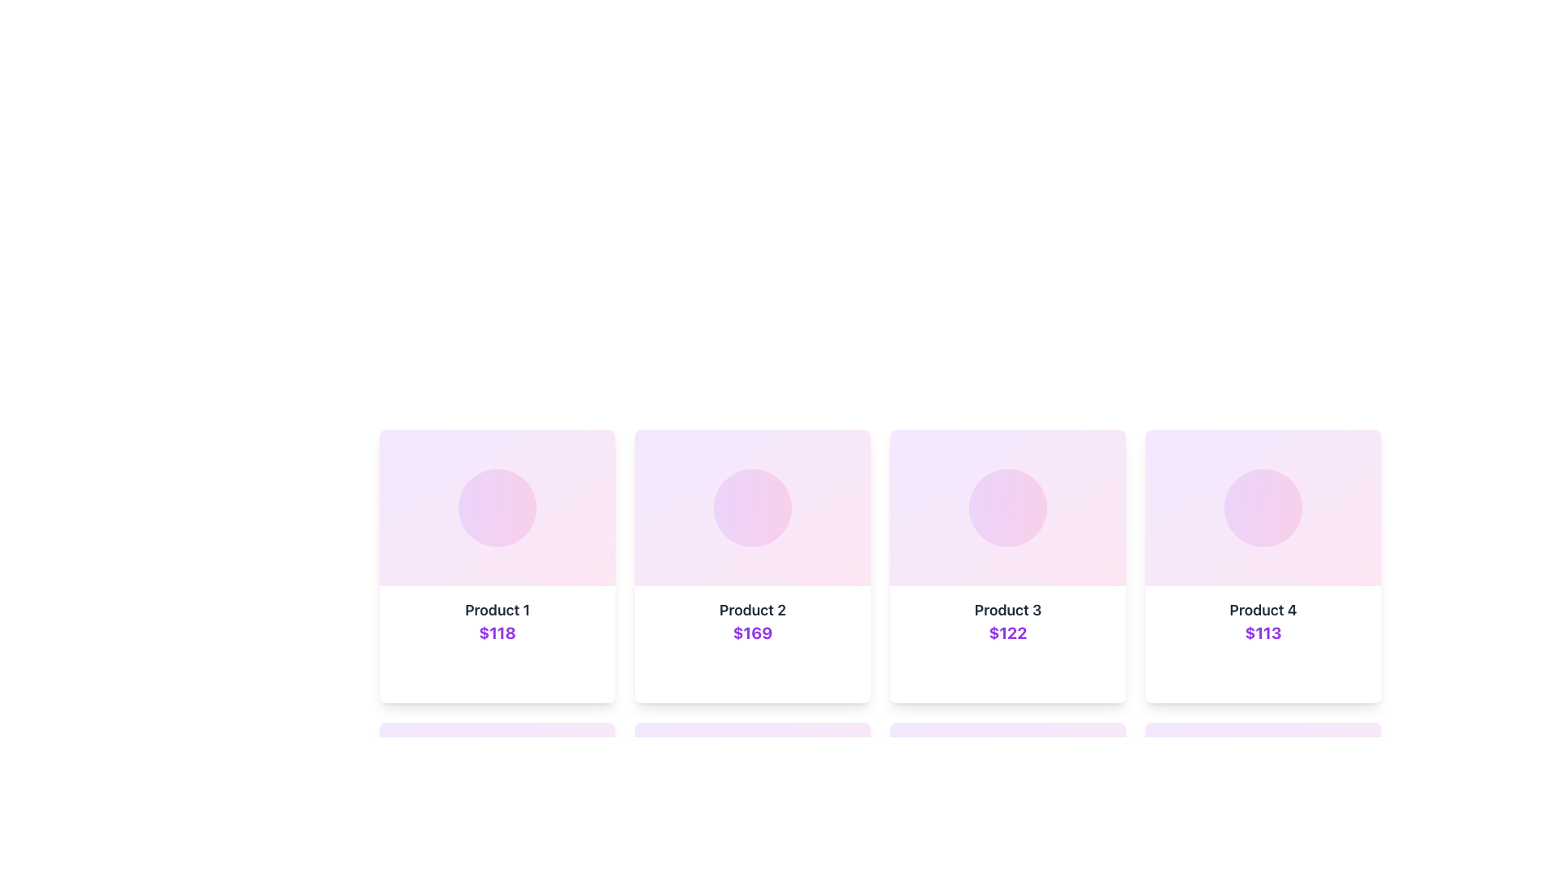 The image size is (1561, 878). I want to click on the 'Product 4' text label element which is styled in bold, larger dark gray font, located centrally at the bottom of the fourth product card on a light purple background, so click(1263, 611).